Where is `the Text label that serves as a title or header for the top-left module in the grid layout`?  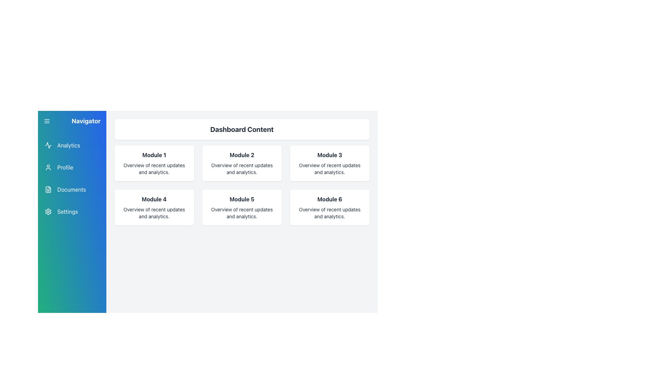 the Text label that serves as a title or header for the top-left module in the grid layout is located at coordinates (154, 154).